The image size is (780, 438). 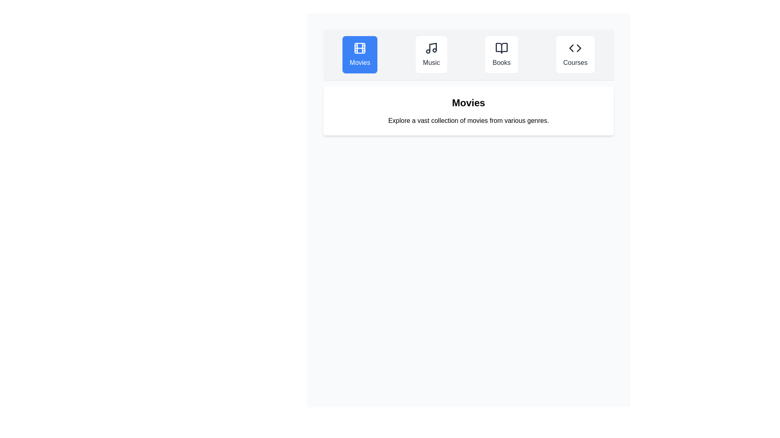 I want to click on the Books tab to view its content, so click(x=501, y=55).